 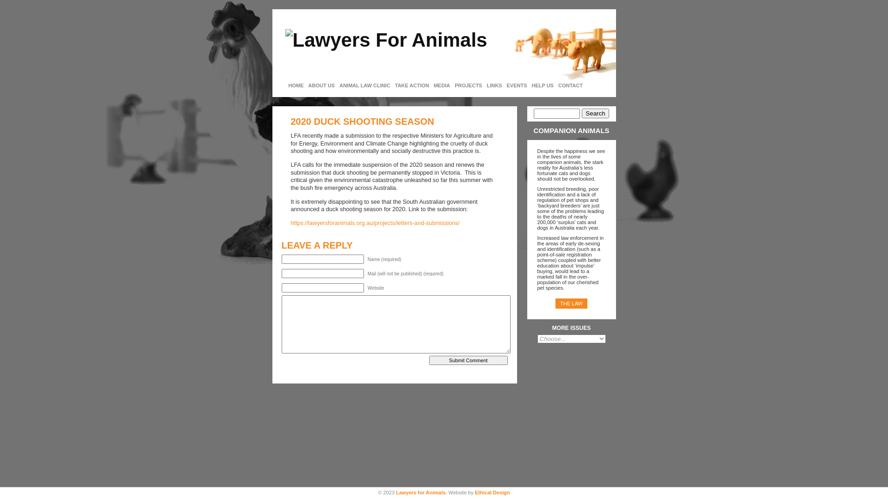 What do you see at coordinates (364, 85) in the screenshot?
I see `'ANIMAL LAW CLINIC'` at bounding box center [364, 85].